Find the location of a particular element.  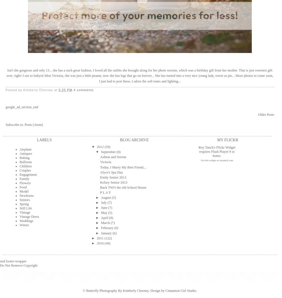

'Back TWO the old School House' is located at coordinates (123, 187).